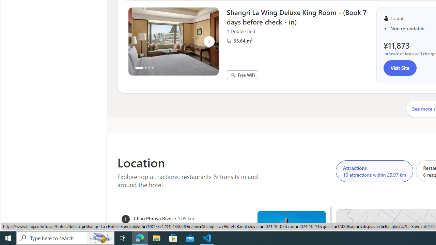  What do you see at coordinates (400, 68) in the screenshot?
I see `'Visit Site'` at bounding box center [400, 68].